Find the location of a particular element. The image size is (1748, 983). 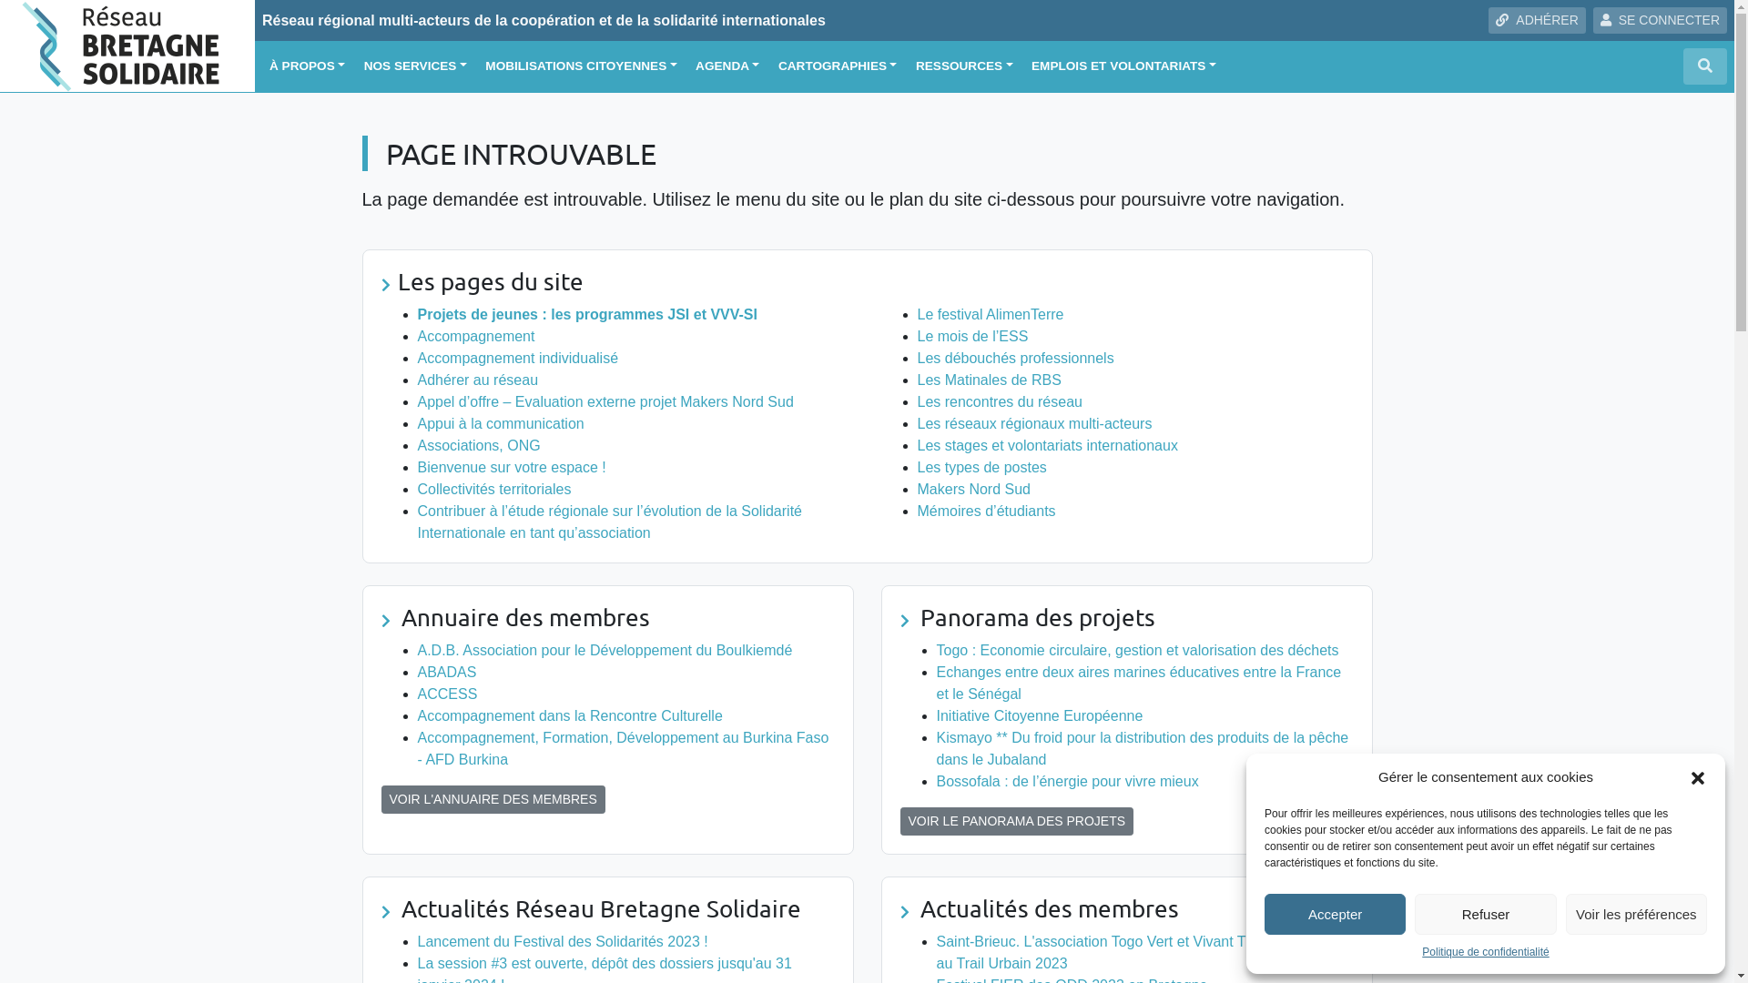

'Le festival AlimenTerre' is located at coordinates (990, 313).